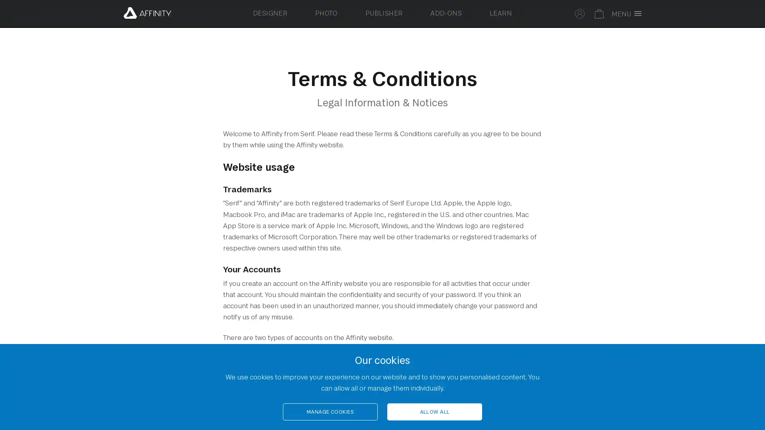 The height and width of the screenshot is (430, 765). I want to click on Toggle full screen menu, so click(628, 14).